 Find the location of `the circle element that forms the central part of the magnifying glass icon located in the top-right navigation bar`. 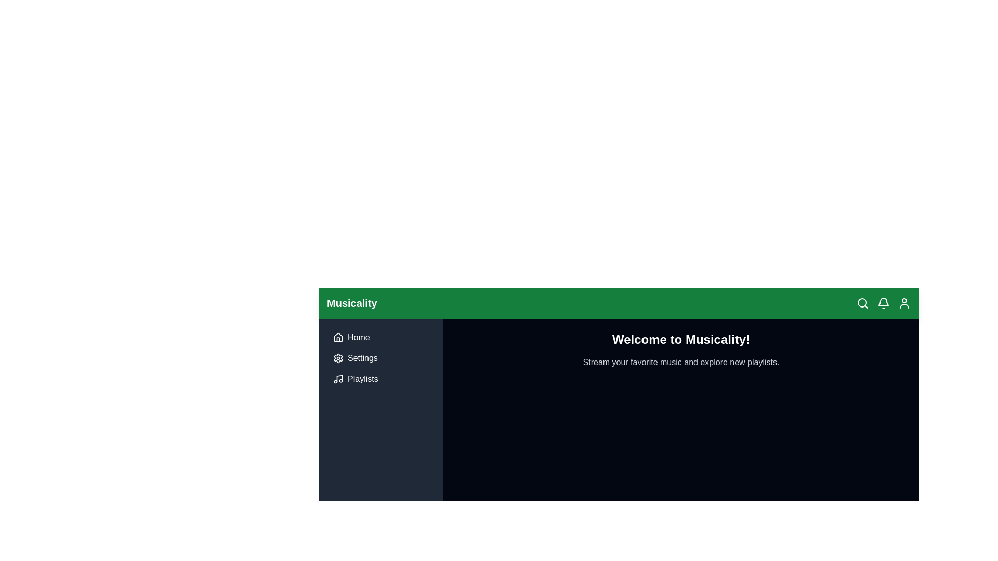

the circle element that forms the central part of the magnifying glass icon located in the top-right navigation bar is located at coordinates (862, 302).